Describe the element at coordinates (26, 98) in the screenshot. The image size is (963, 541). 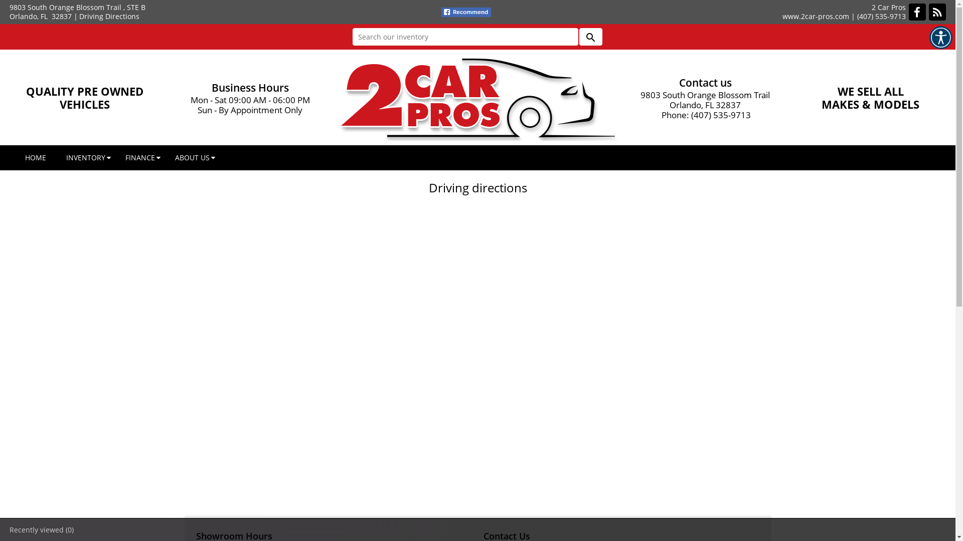
I see `'QUALITY PRE OWNED` at that location.